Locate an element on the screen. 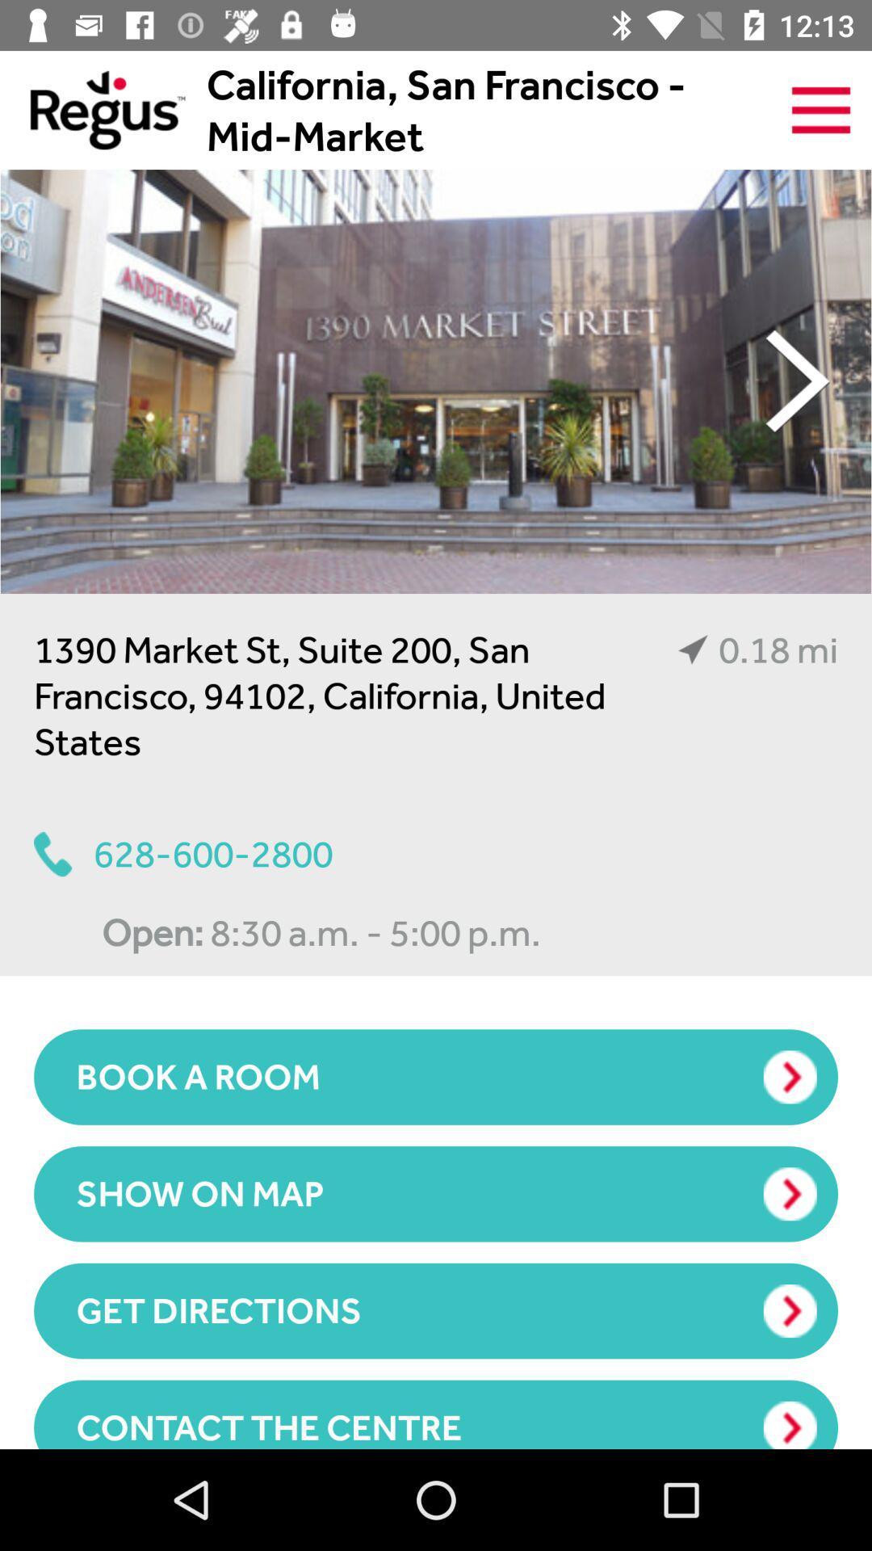  main site is located at coordinates (92, 109).